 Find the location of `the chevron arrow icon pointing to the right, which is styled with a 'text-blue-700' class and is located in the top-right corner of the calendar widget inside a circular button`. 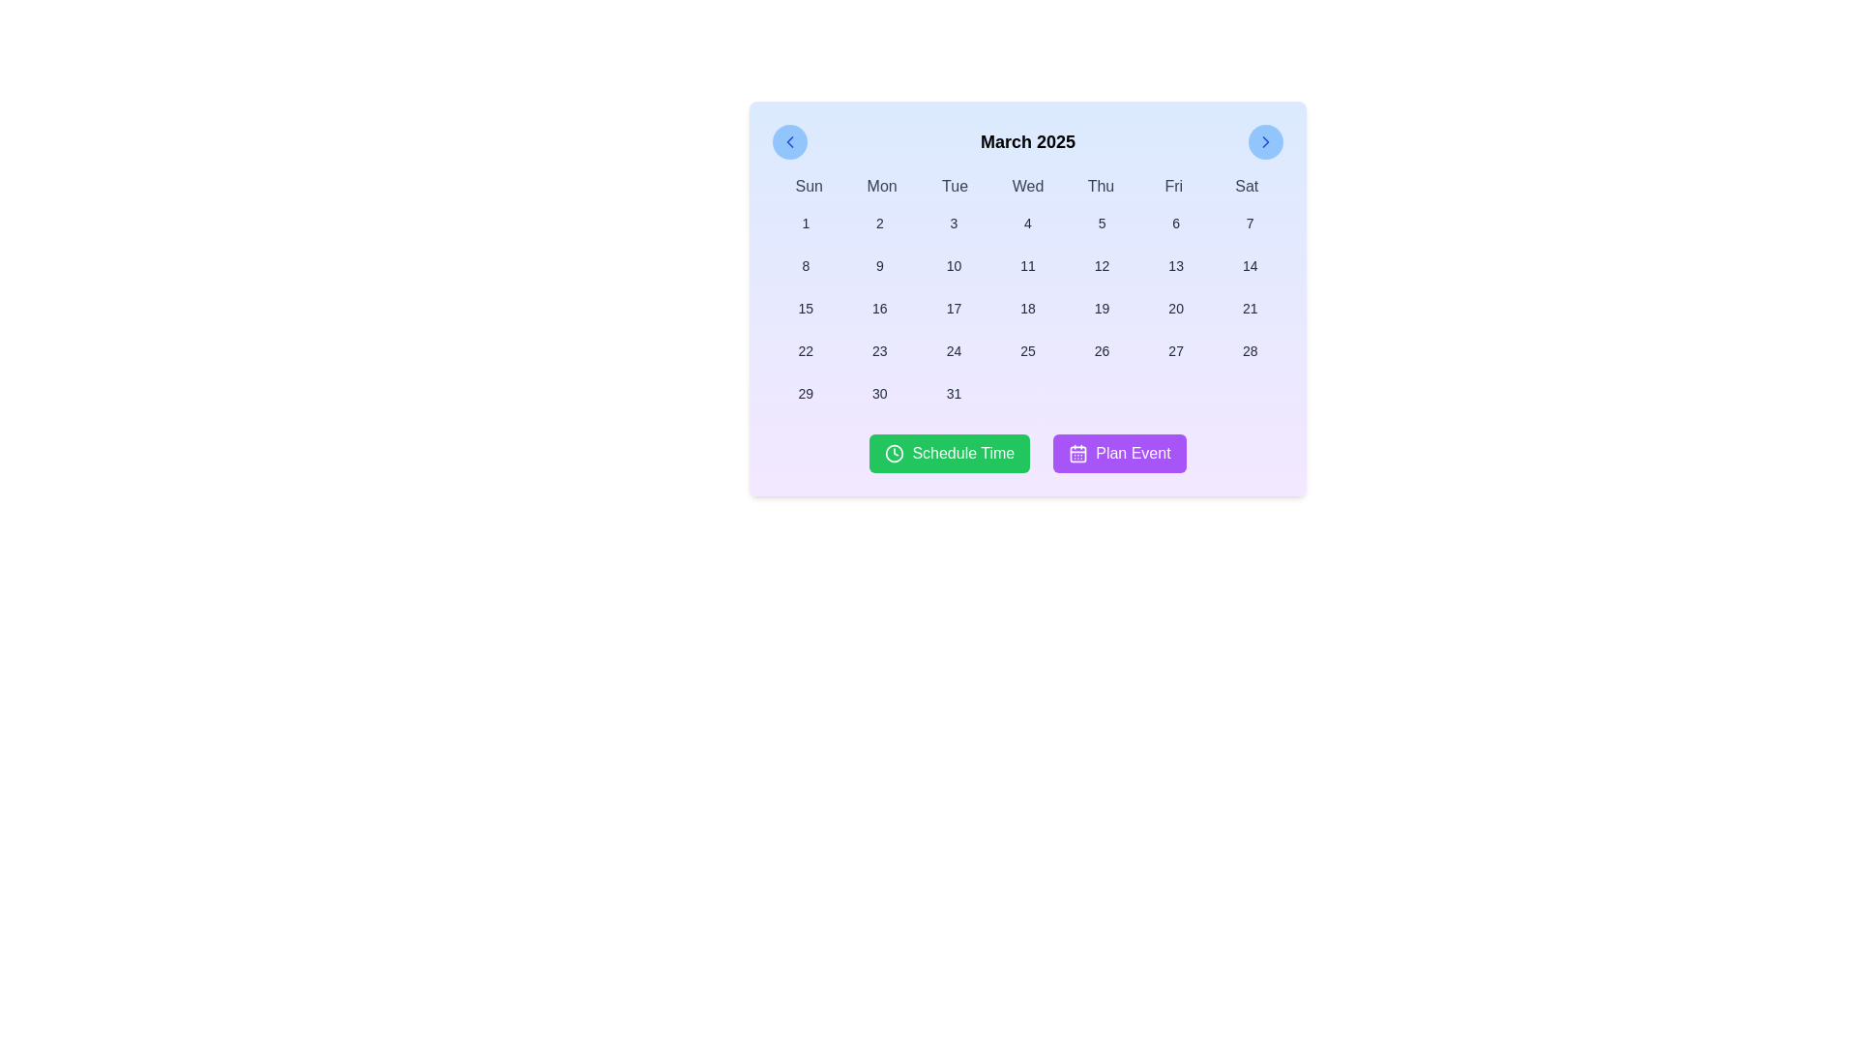

the chevron arrow icon pointing to the right, which is styled with a 'text-blue-700' class and is located in the top-right corner of the calendar widget inside a circular button is located at coordinates (1266, 140).